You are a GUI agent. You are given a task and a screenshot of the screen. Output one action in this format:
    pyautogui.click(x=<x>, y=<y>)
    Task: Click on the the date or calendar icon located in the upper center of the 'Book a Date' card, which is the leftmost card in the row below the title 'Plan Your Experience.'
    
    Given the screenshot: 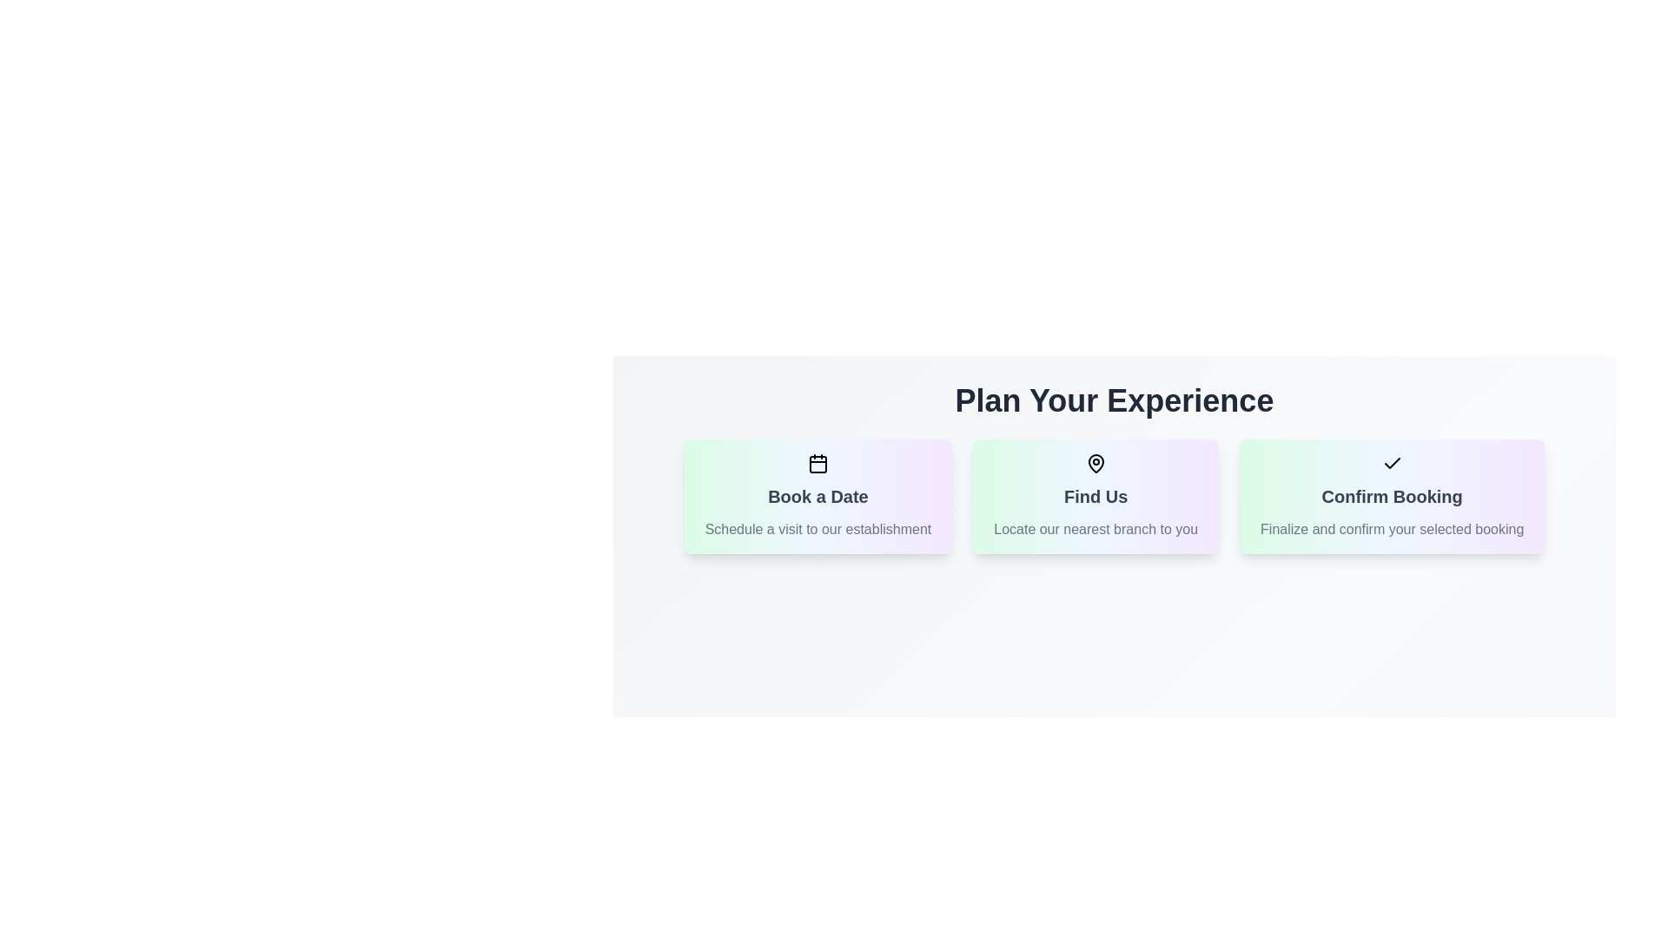 What is the action you would take?
    pyautogui.click(x=817, y=464)
    